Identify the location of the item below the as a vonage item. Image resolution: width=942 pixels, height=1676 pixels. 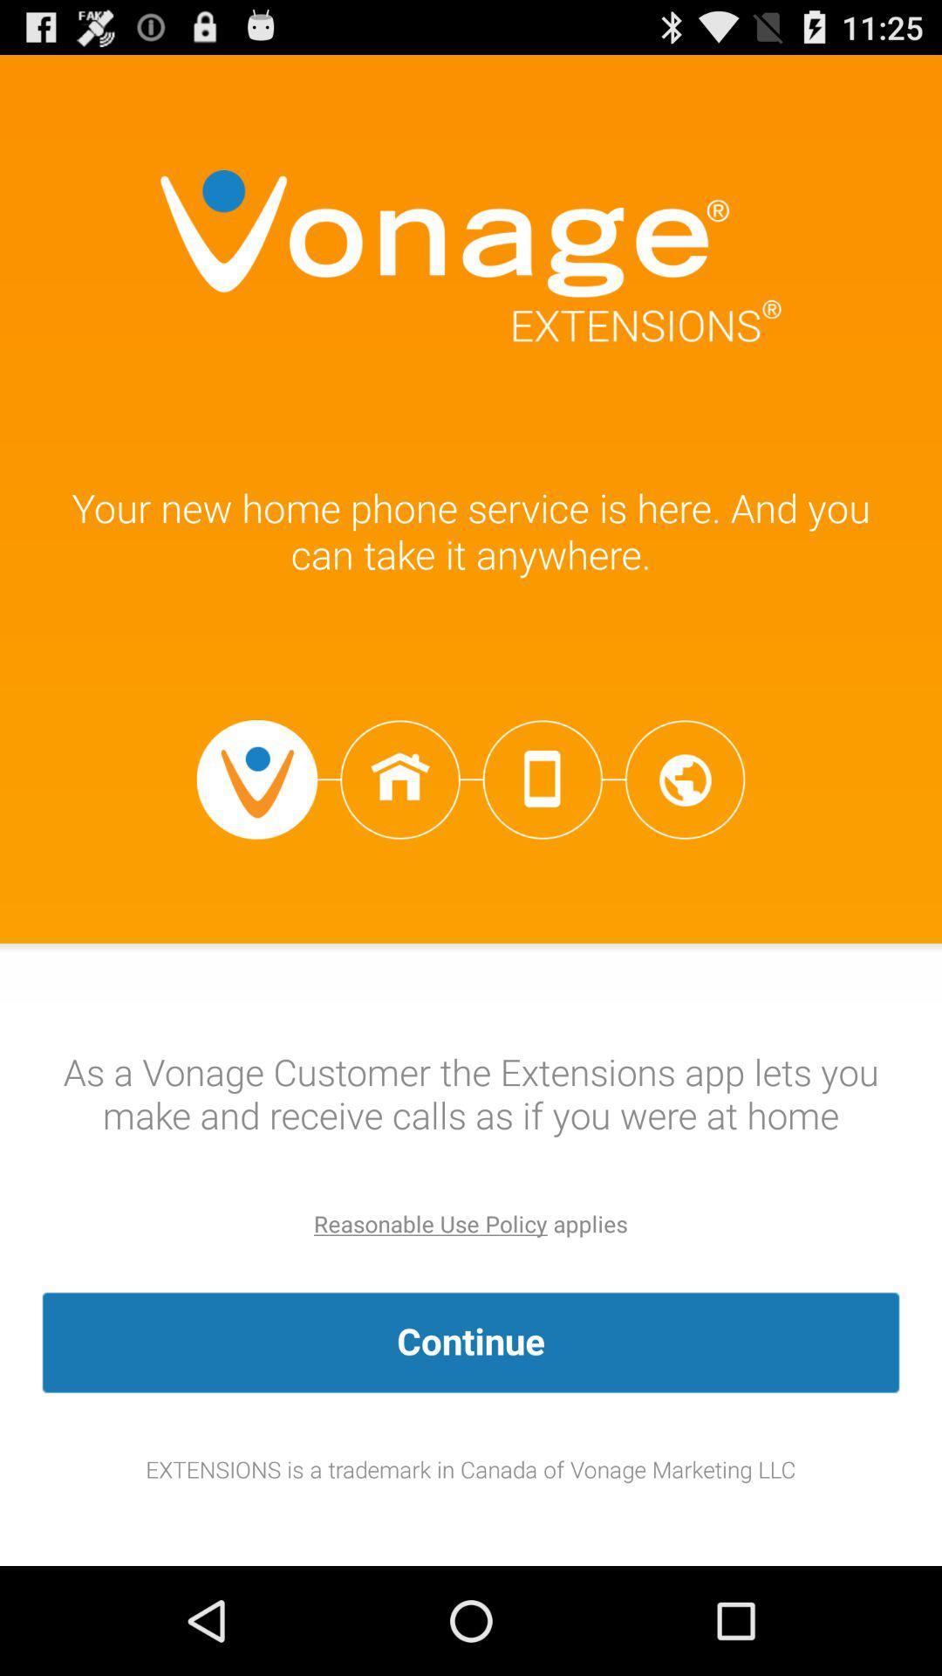
(430, 1223).